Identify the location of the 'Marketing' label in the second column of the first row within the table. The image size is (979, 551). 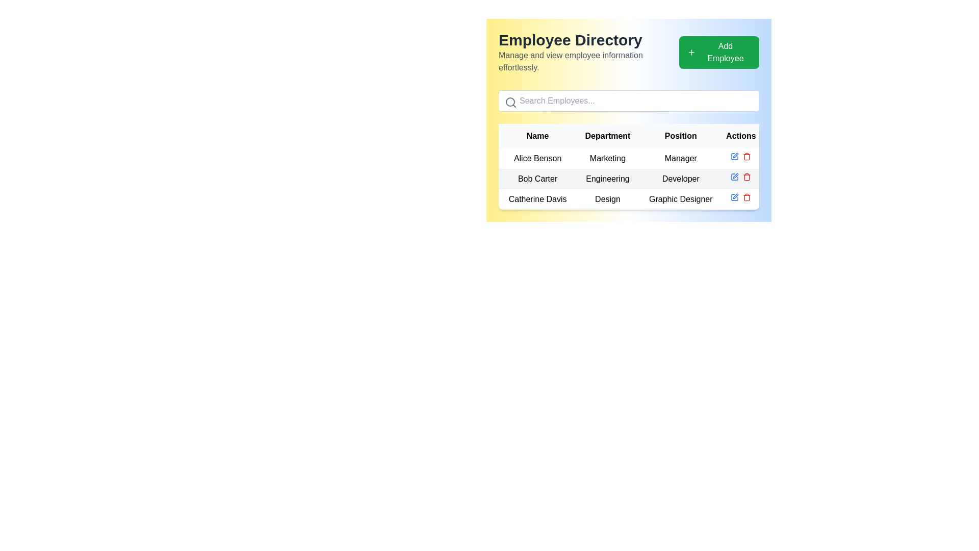
(607, 159).